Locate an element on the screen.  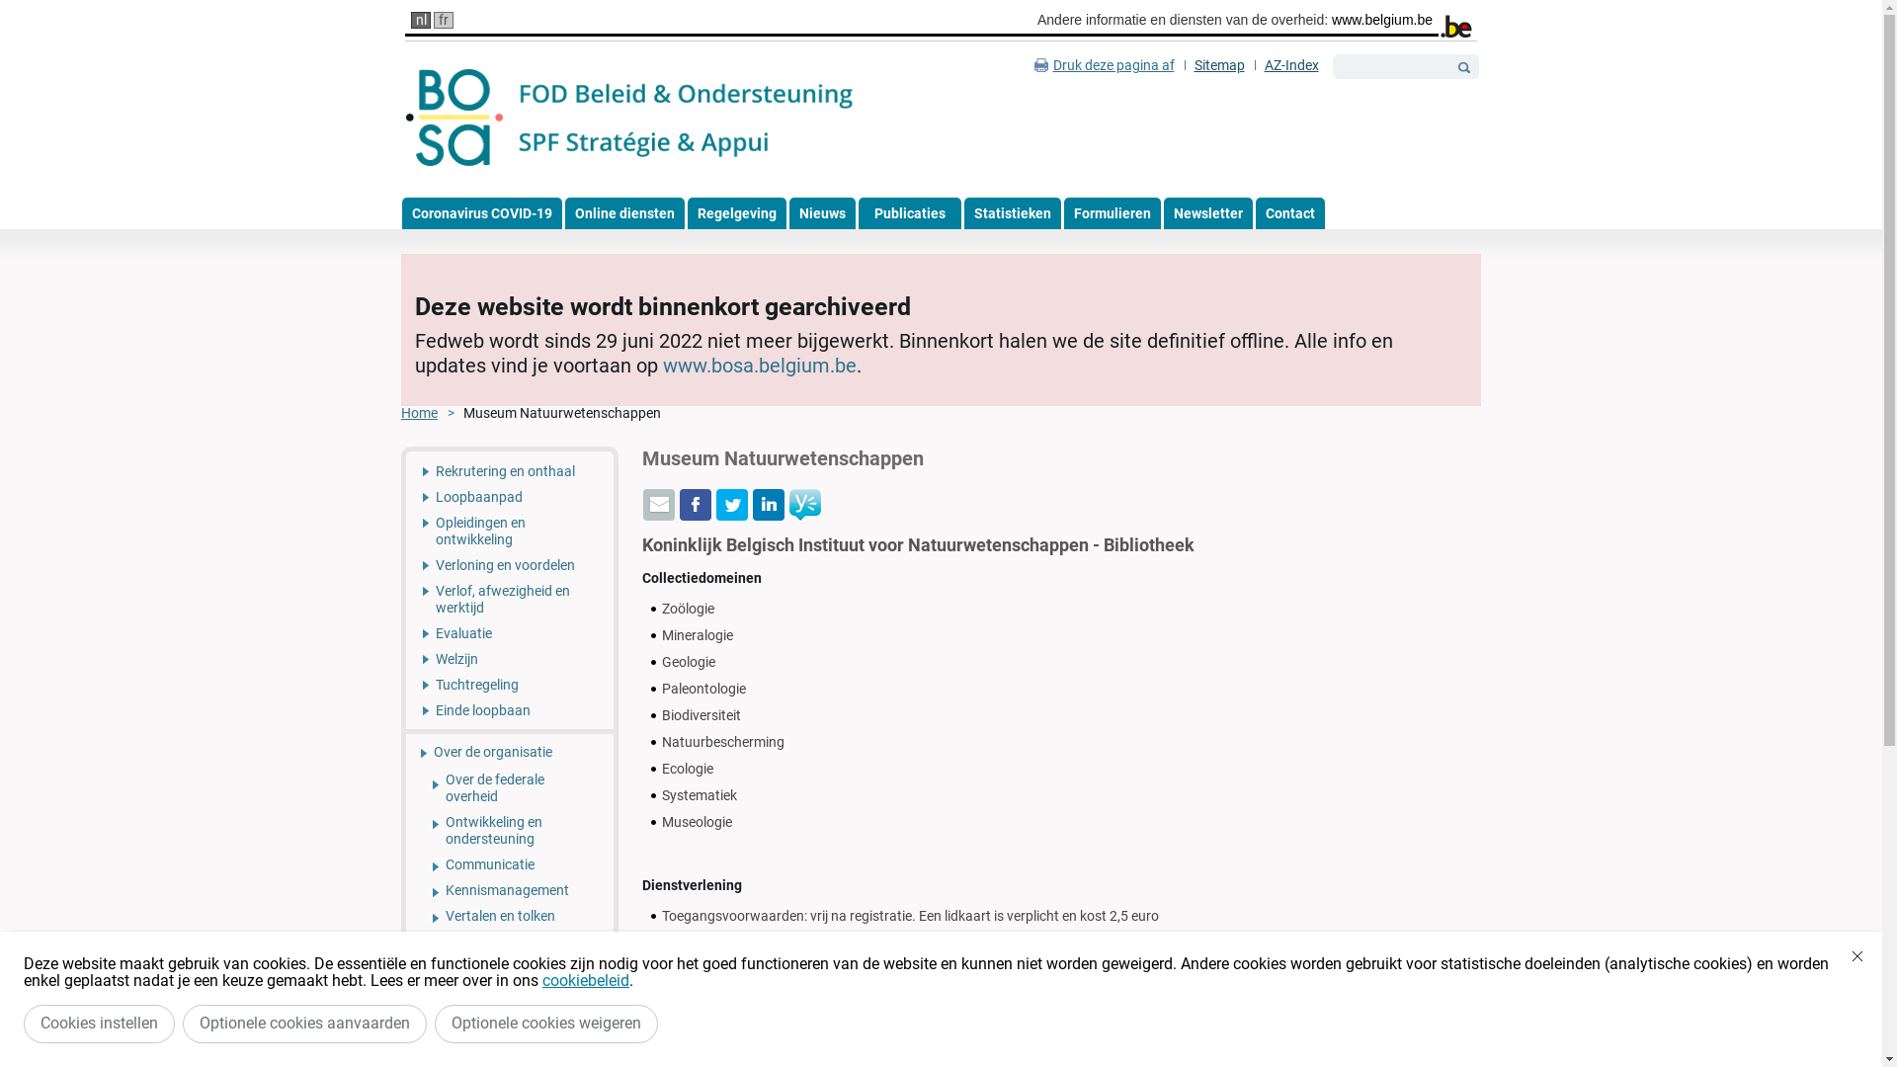
'Optionele cookies aanvaarden' is located at coordinates (303, 1023).